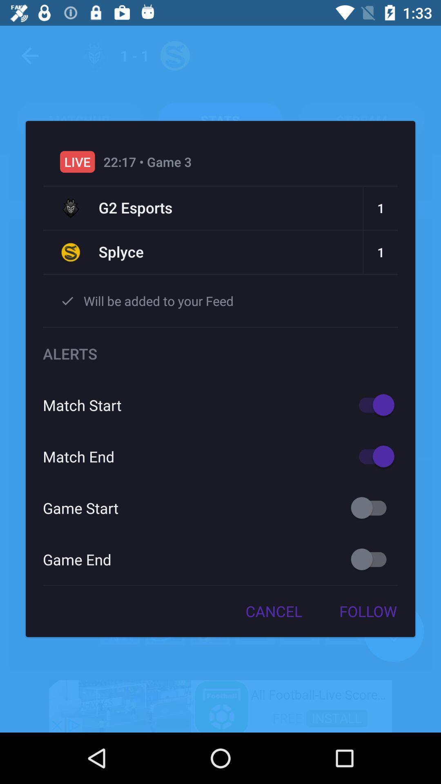 This screenshot has height=784, width=441. I want to click on off button, so click(372, 559).